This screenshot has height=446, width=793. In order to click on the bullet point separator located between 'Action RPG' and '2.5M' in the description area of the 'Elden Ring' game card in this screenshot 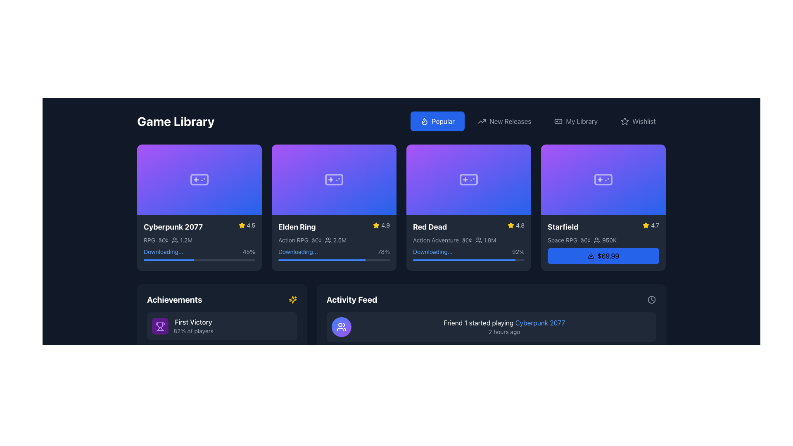, I will do `click(316, 240)`.